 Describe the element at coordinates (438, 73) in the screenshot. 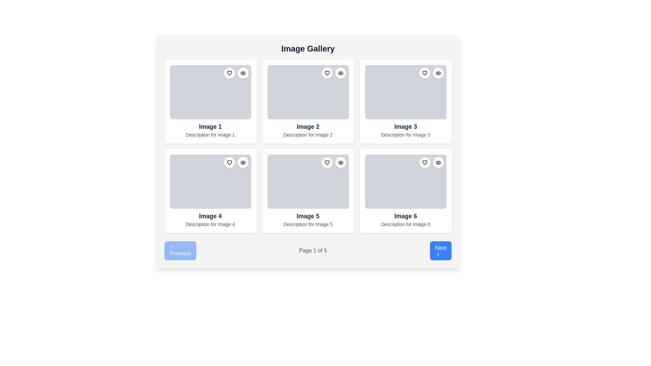

I see `the second button from the right in the top-right corner of the card associated with 'Image 3' to preview the item` at that location.